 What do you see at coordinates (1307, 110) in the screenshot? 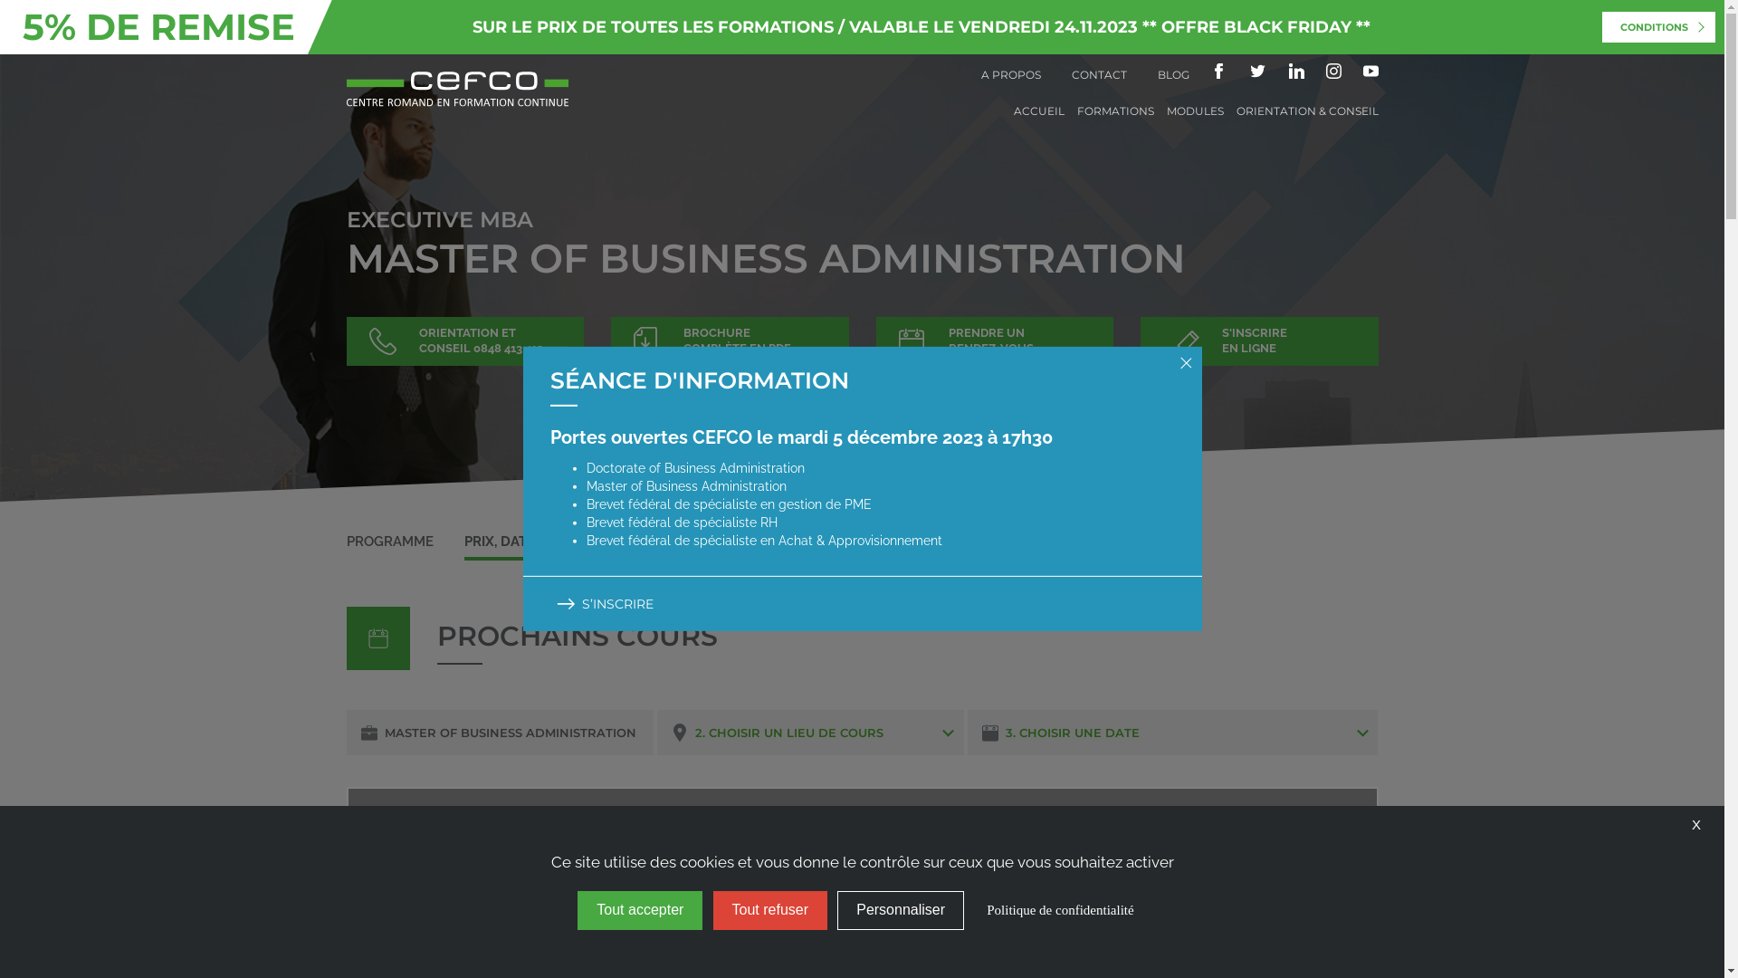
I see `'ORIENTATION & CONSEIL'` at bounding box center [1307, 110].